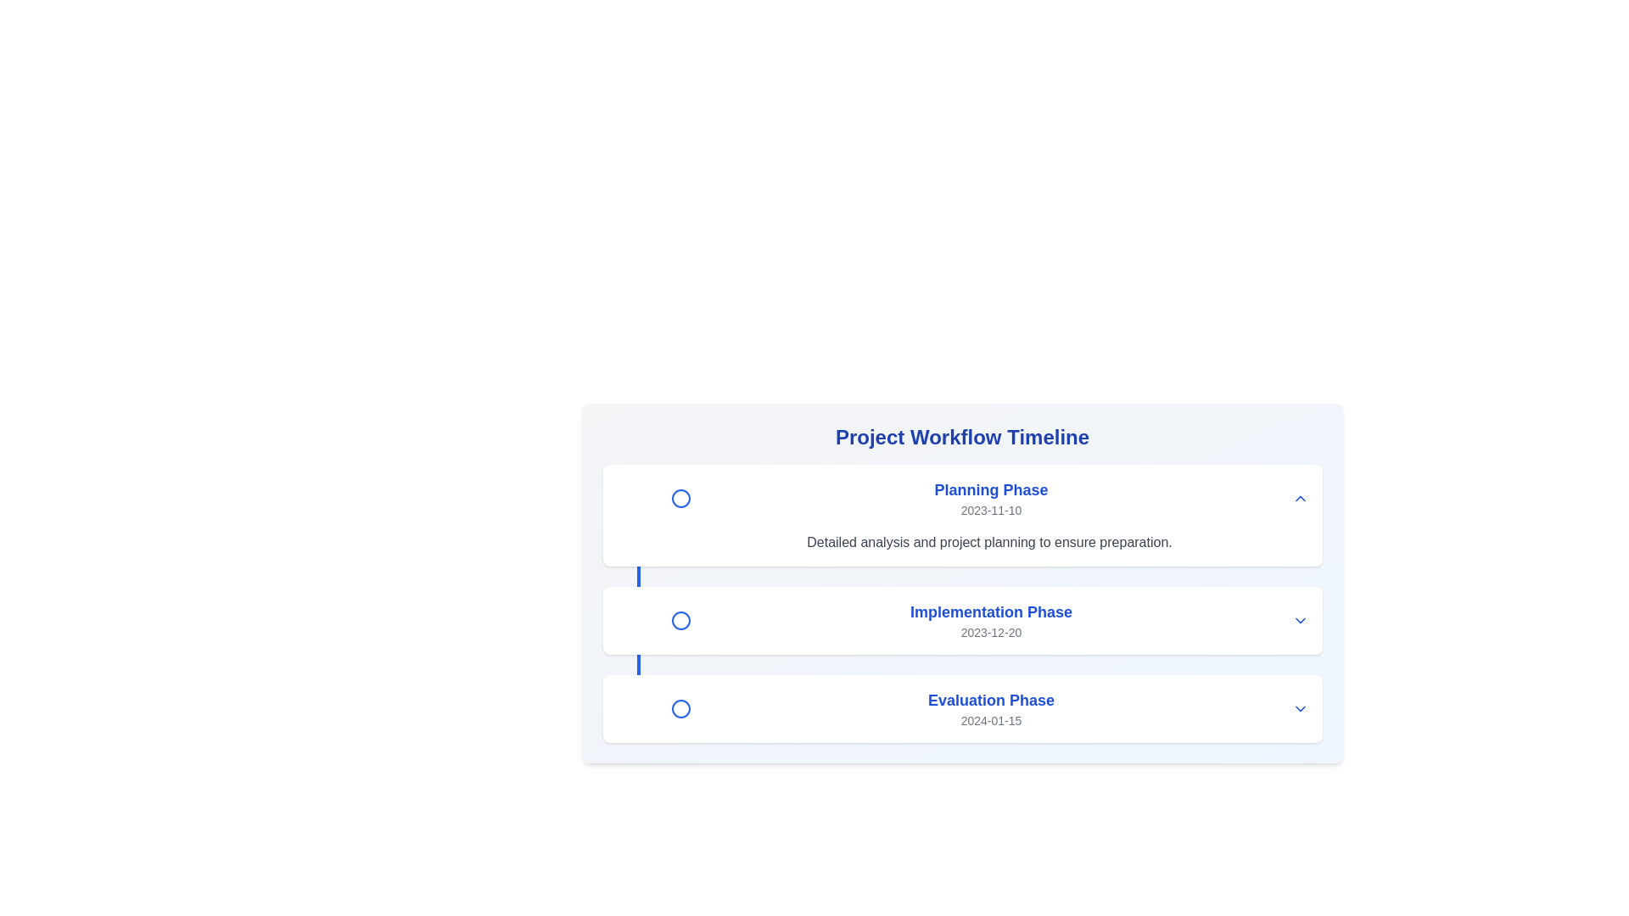 The width and height of the screenshot is (1629, 916). I want to click on the status of the circular icon with a blue outline and white interior, located to the left of the 'Planning Phase' label and its date in the timeline, so click(680, 497).